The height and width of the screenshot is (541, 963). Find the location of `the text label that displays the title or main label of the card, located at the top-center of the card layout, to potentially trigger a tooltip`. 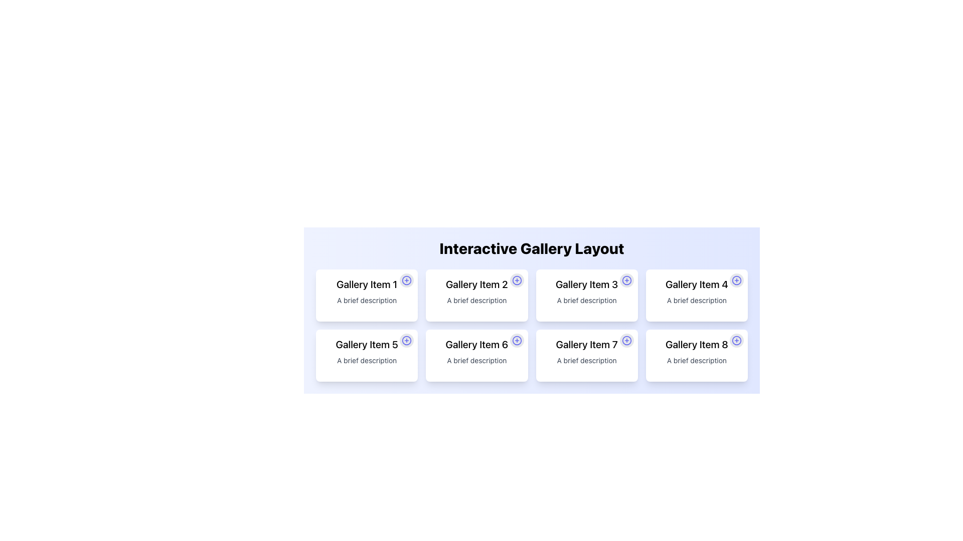

the text label that displays the title or main label of the card, located at the top-center of the card layout, to potentially trigger a tooltip is located at coordinates (587, 284).